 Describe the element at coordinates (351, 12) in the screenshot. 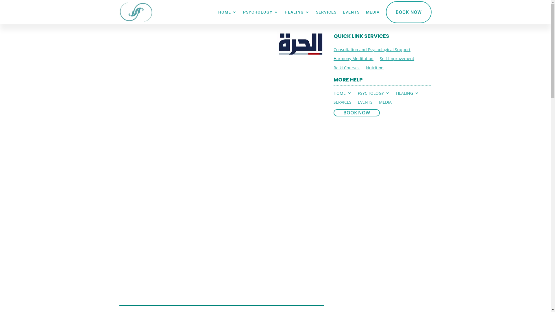

I see `'EVENTS'` at that location.